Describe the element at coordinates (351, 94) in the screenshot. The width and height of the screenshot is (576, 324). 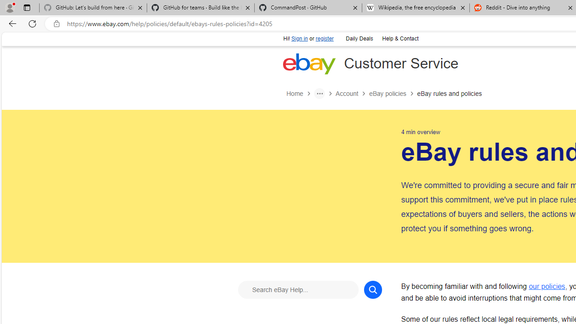
I see `'Account'` at that location.